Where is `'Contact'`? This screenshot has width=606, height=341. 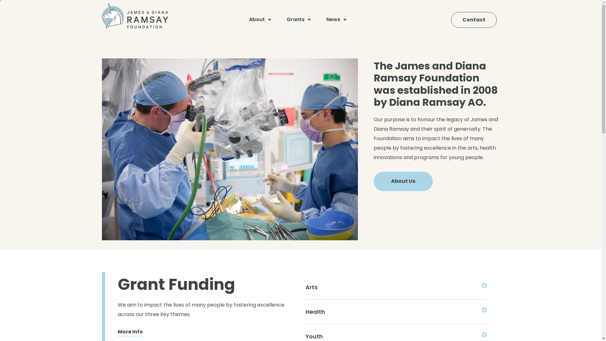
'Contact' is located at coordinates (474, 20).